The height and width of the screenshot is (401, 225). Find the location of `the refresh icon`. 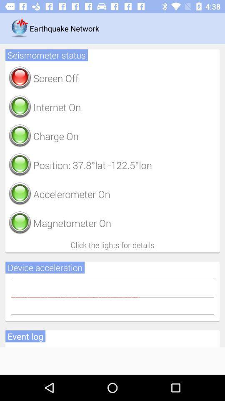

the refresh icon is located at coordinates (20, 78).